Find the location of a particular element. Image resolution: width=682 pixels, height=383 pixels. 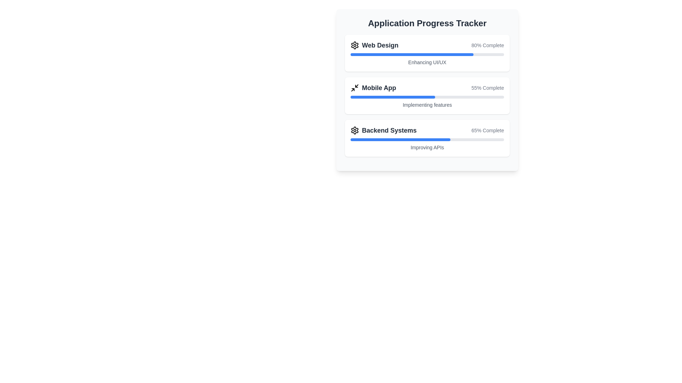

the 'Mobile App' progress tracker label, which is the second entry in a vertical list of progress trackers, distinguishing it from other tasks and providing context to the associated progress bar and percentage is located at coordinates (373, 87).